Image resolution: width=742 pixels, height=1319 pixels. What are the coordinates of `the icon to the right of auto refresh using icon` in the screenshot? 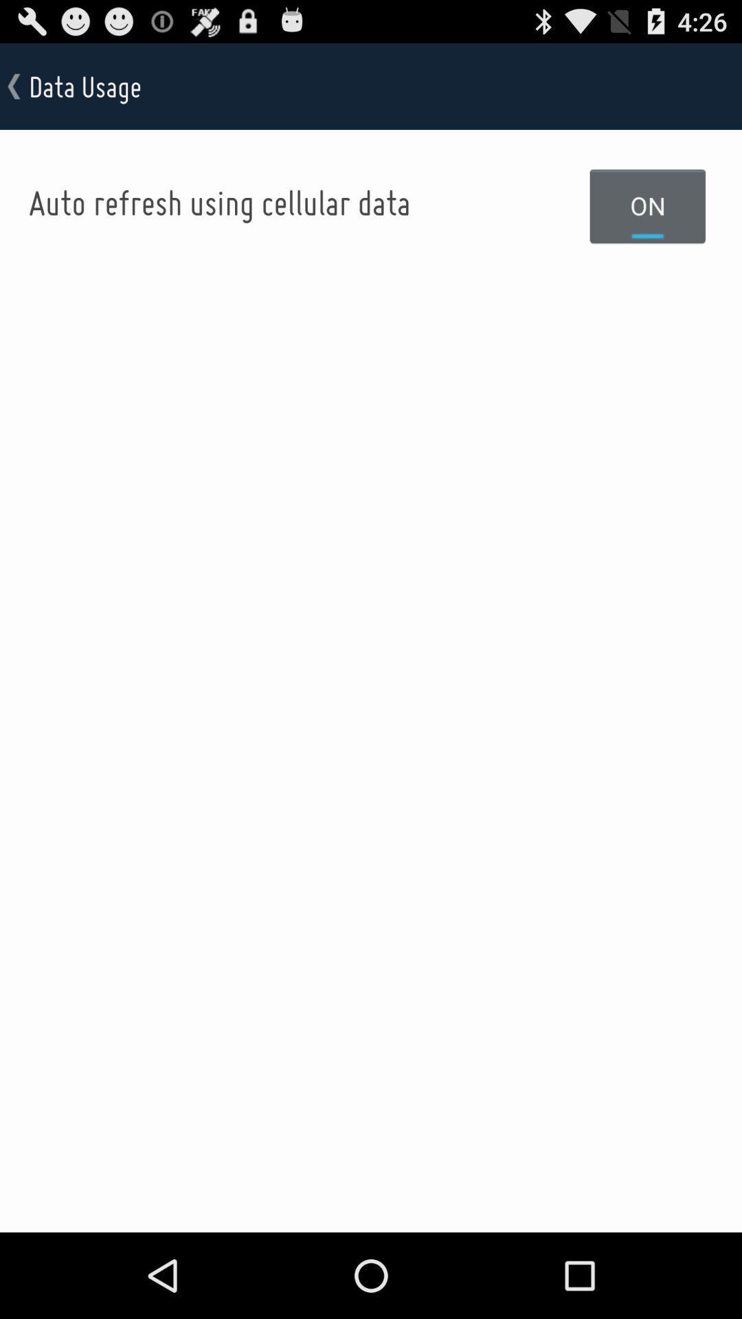 It's located at (648, 205).